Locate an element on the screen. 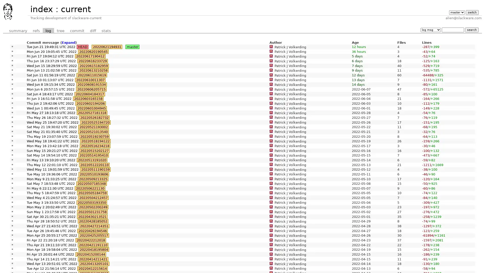 This screenshot has height=273, width=485. search is located at coordinates (471, 30).